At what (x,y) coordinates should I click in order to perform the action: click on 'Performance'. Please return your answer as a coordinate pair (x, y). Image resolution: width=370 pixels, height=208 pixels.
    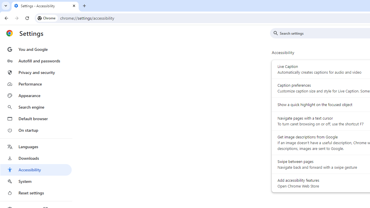
    Looking at the image, I should click on (36, 84).